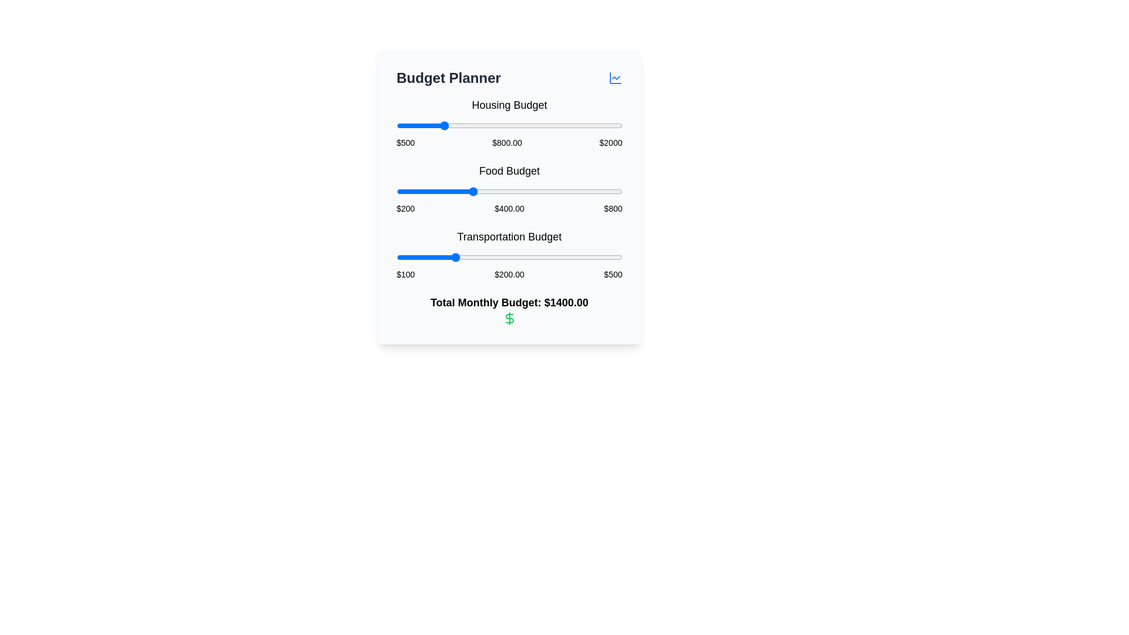 The image size is (1129, 635). Describe the element at coordinates (509, 309) in the screenshot. I see `displayed budget information from the informational text element that summarizes the total calculated monthly budget in the budget planner` at that location.